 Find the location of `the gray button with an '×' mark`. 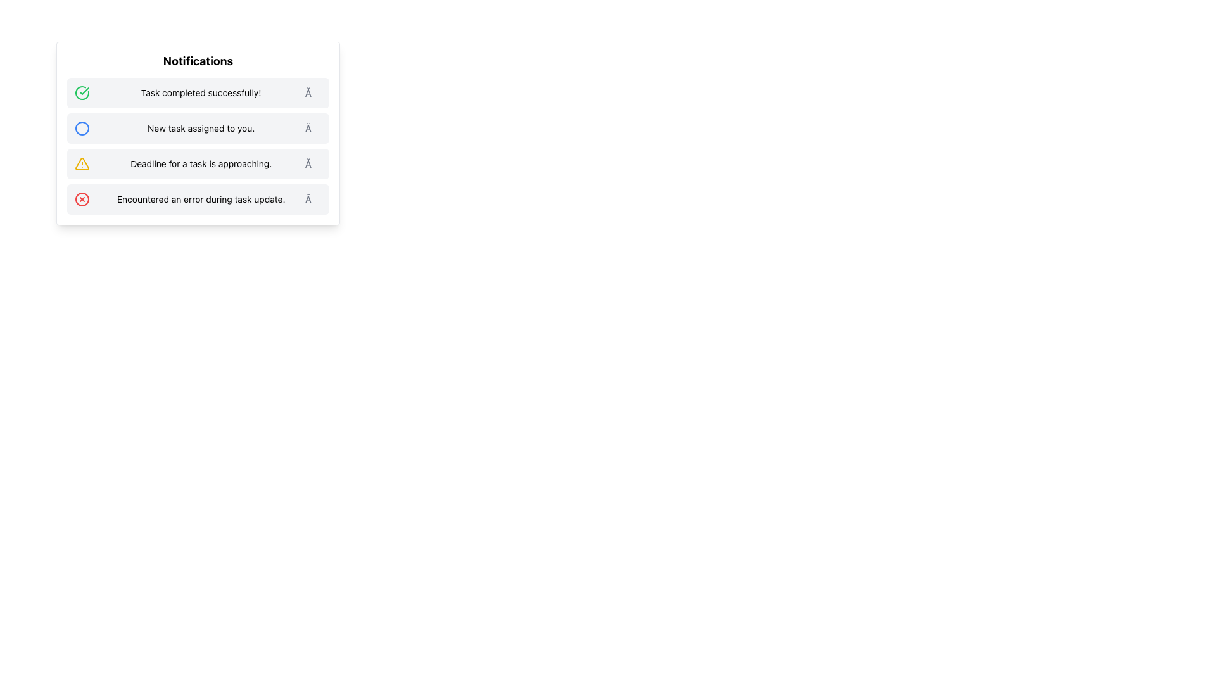

the gray button with an '×' mark is located at coordinates (313, 163).